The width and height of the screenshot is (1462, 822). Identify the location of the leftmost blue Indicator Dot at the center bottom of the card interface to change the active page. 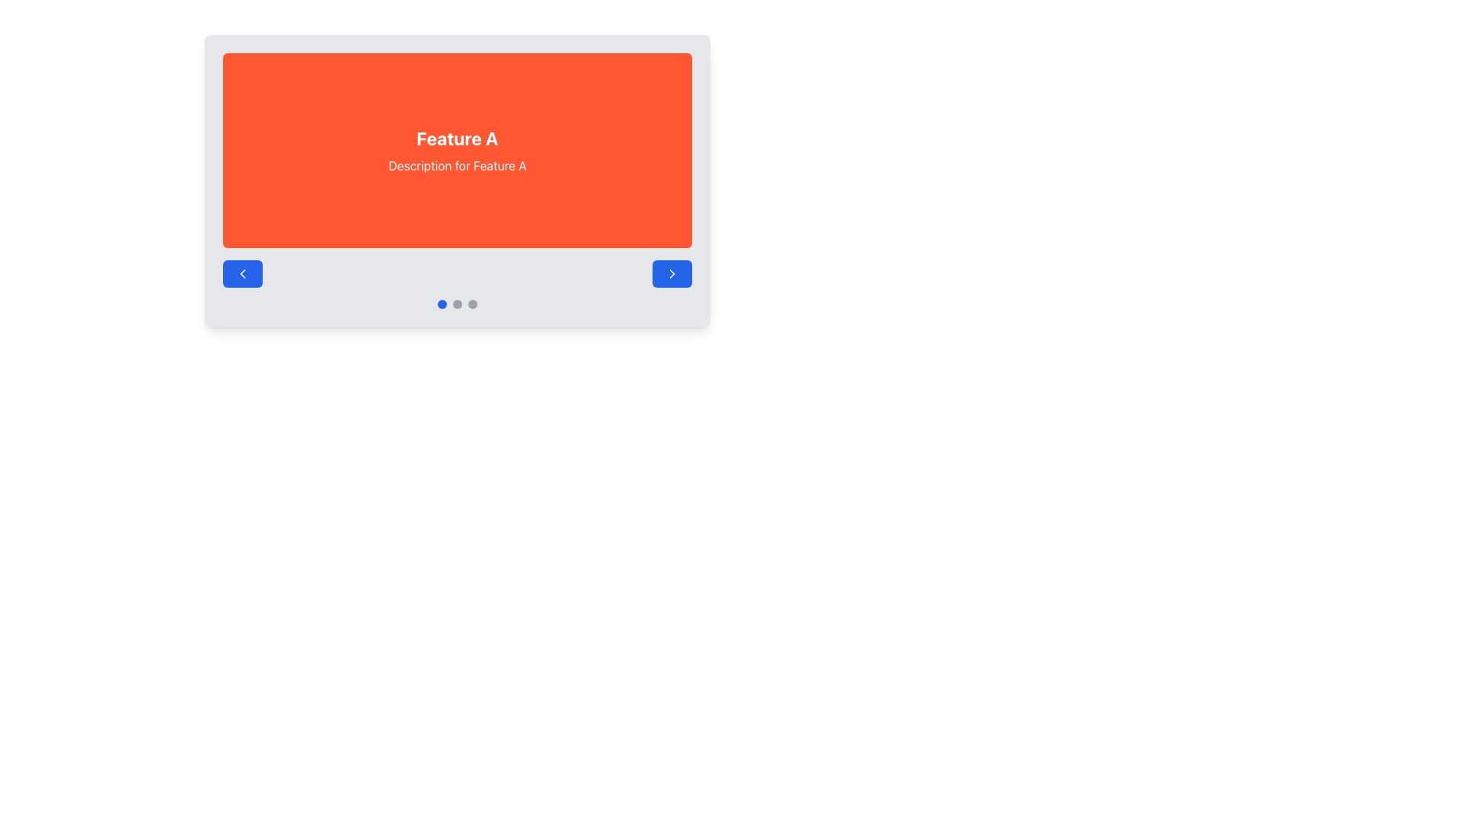
(441, 304).